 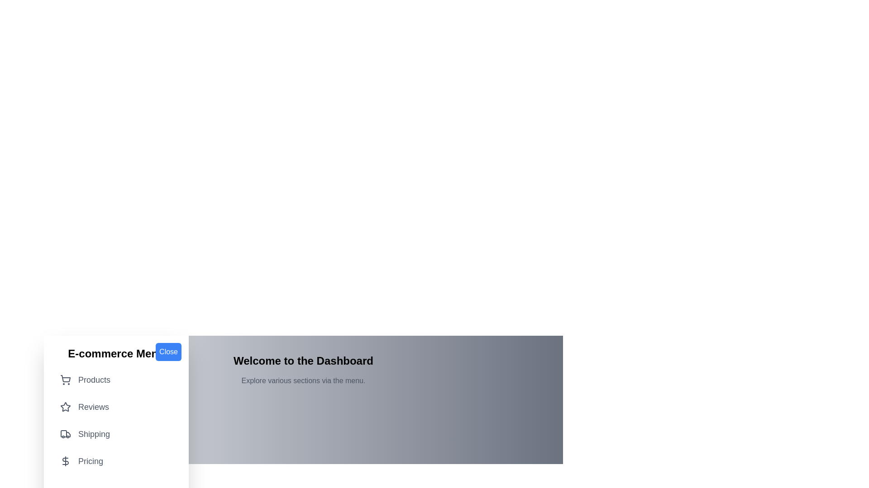 What do you see at coordinates (168, 352) in the screenshot?
I see `the 'Close' button to toggle the menu visibility` at bounding box center [168, 352].